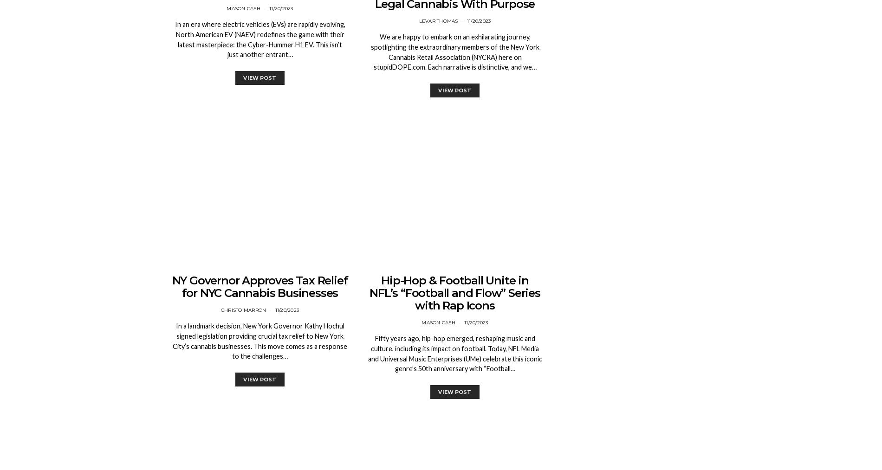  What do you see at coordinates (454, 353) in the screenshot?
I see `'Fifty years ago, hip-hop emerged, reshaping music and culture, including its impact on football. Today, NFL Media and Universal Music Enterprises (UMe) celebrate this iconic genre’s 50th anniversary with “Football…'` at bounding box center [454, 353].